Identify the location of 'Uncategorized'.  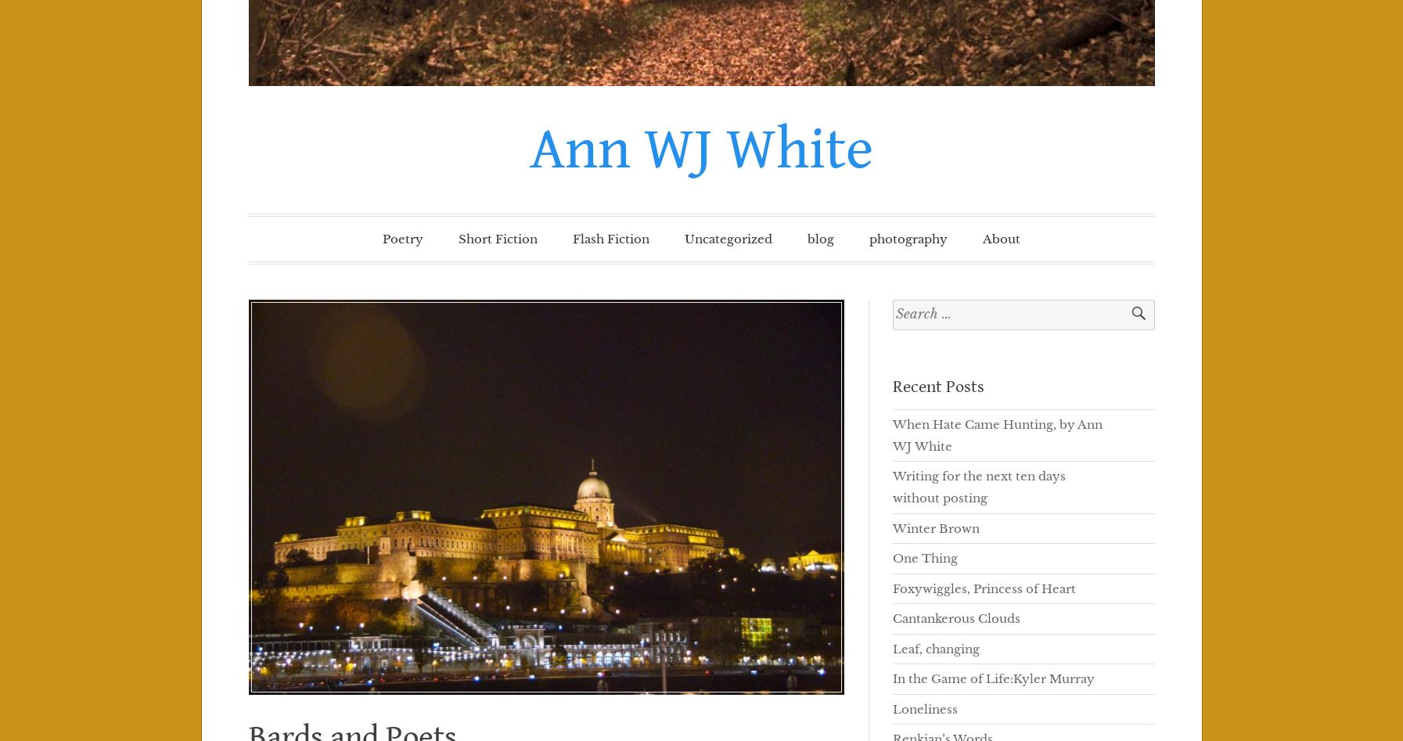
(728, 238).